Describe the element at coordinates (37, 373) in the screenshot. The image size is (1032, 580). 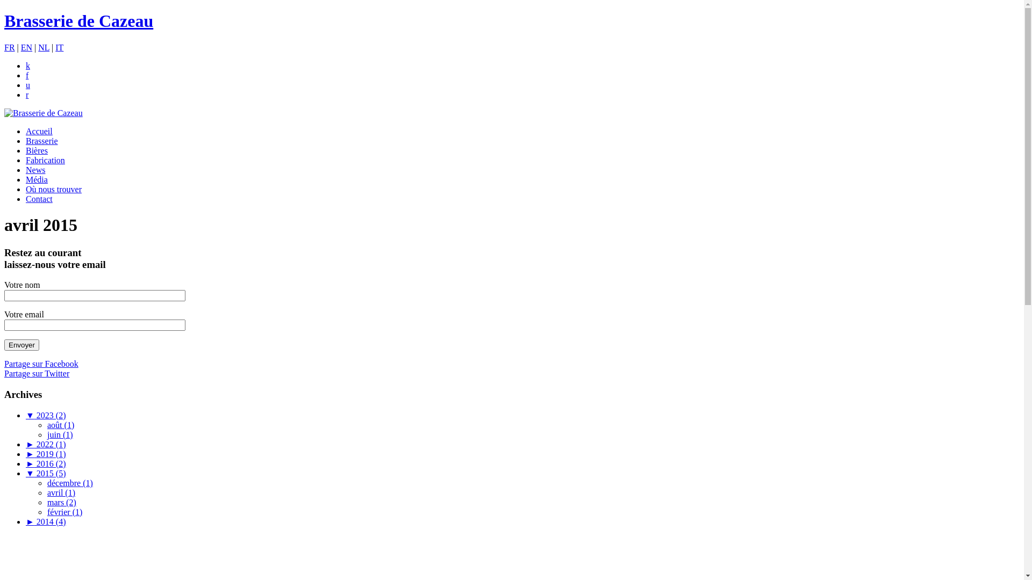
I see `'Partage sur Twitter'` at that location.